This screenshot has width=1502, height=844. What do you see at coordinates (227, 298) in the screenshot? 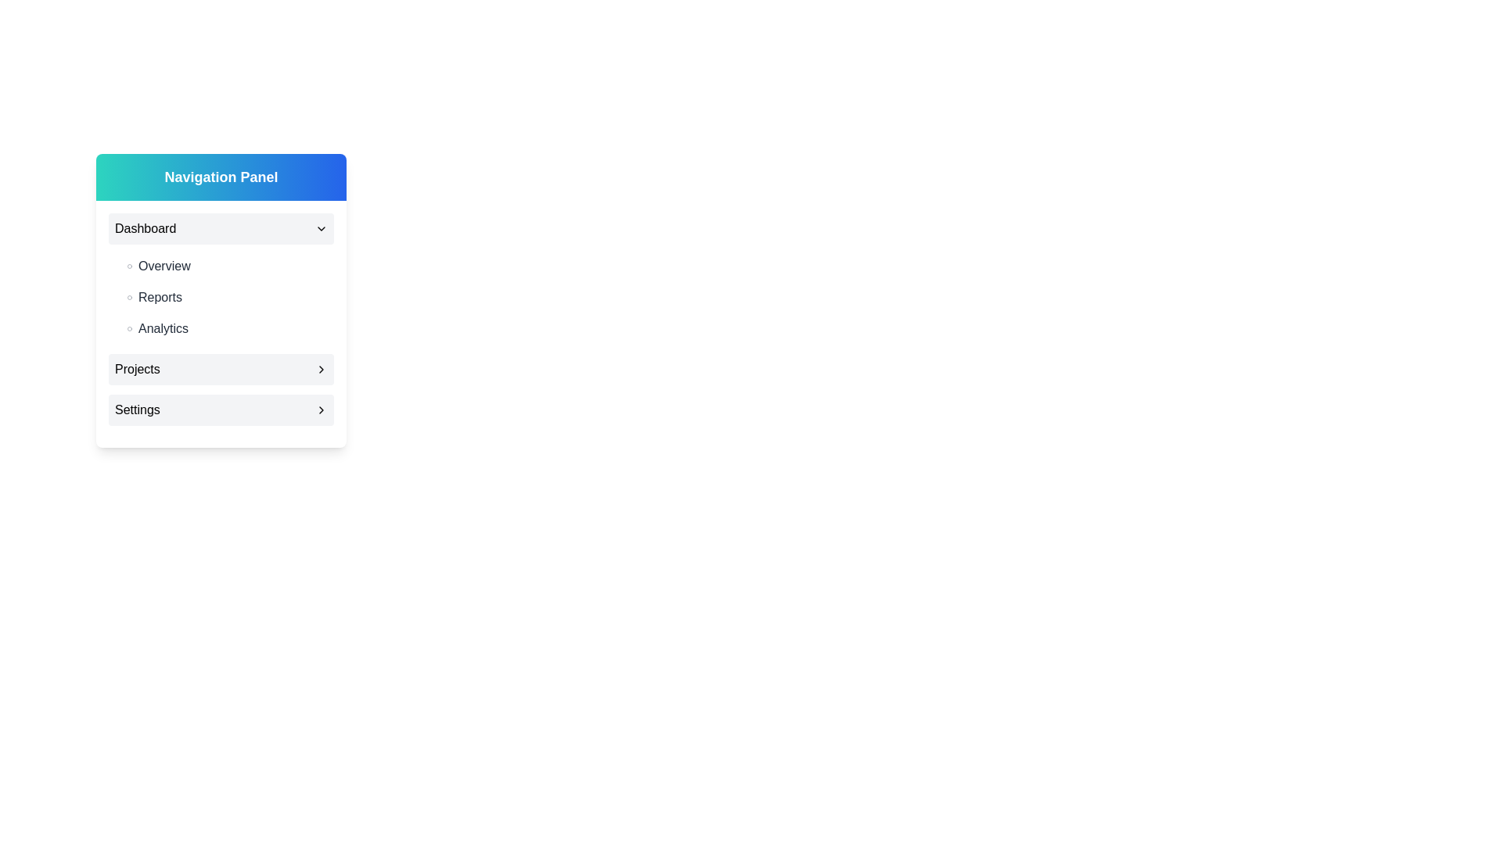
I see `the navigational button labeled 'Reports', which is the second item in the vertical list within the navigation panel, to trigger a background color change` at bounding box center [227, 298].